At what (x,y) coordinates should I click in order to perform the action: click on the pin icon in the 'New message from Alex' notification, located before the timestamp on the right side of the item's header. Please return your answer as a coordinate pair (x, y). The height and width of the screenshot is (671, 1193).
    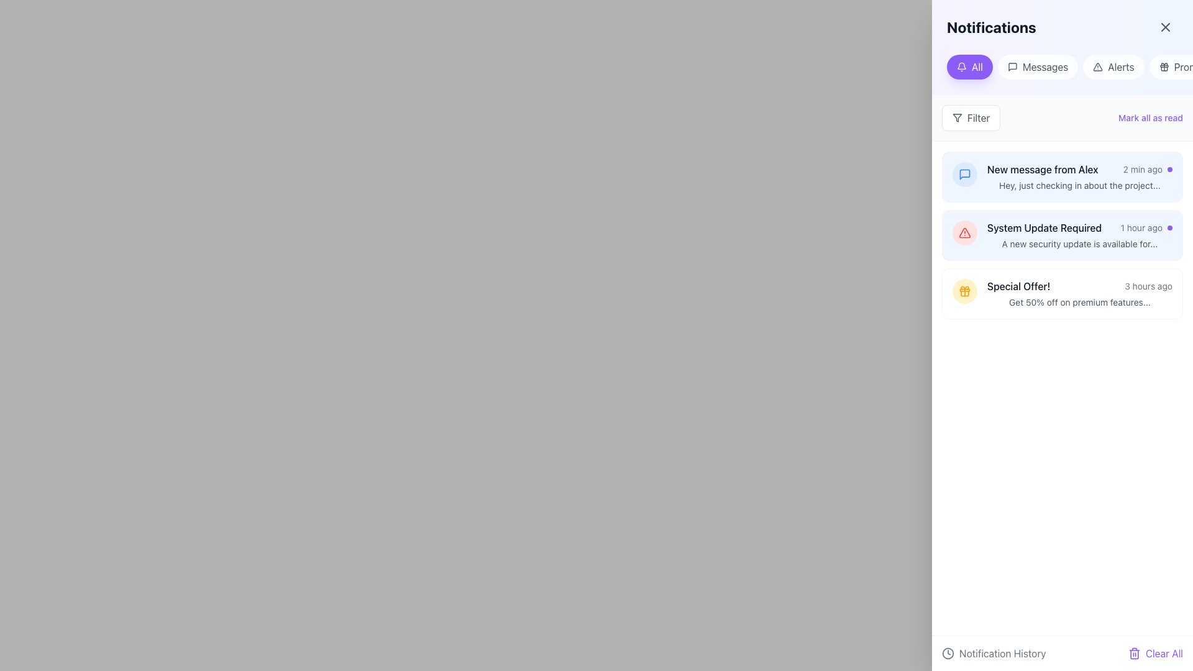
    Looking at the image, I should click on (1137, 175).